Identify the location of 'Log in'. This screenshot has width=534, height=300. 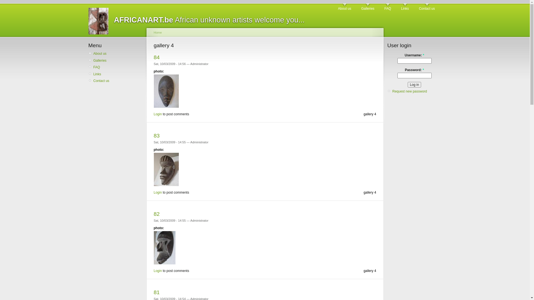
(414, 84).